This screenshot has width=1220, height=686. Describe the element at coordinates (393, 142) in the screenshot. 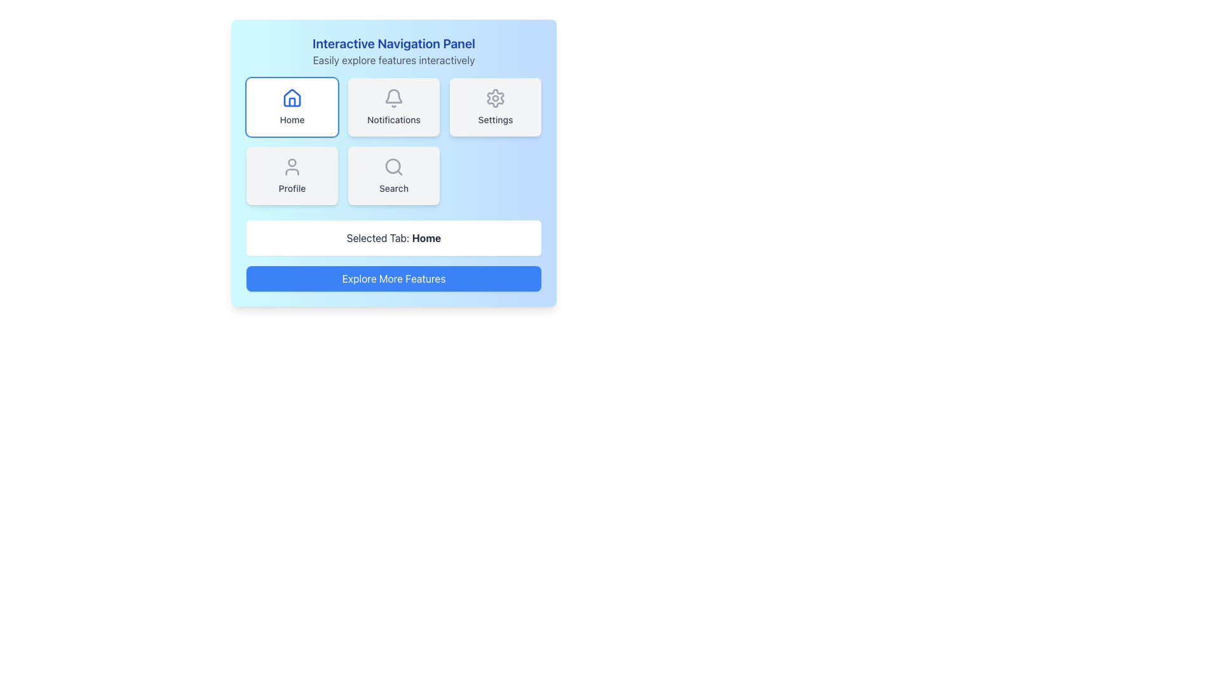

I see `the interactive buttons in the centrally located Grid layout of the 'Interactive Navigation Panel'` at that location.